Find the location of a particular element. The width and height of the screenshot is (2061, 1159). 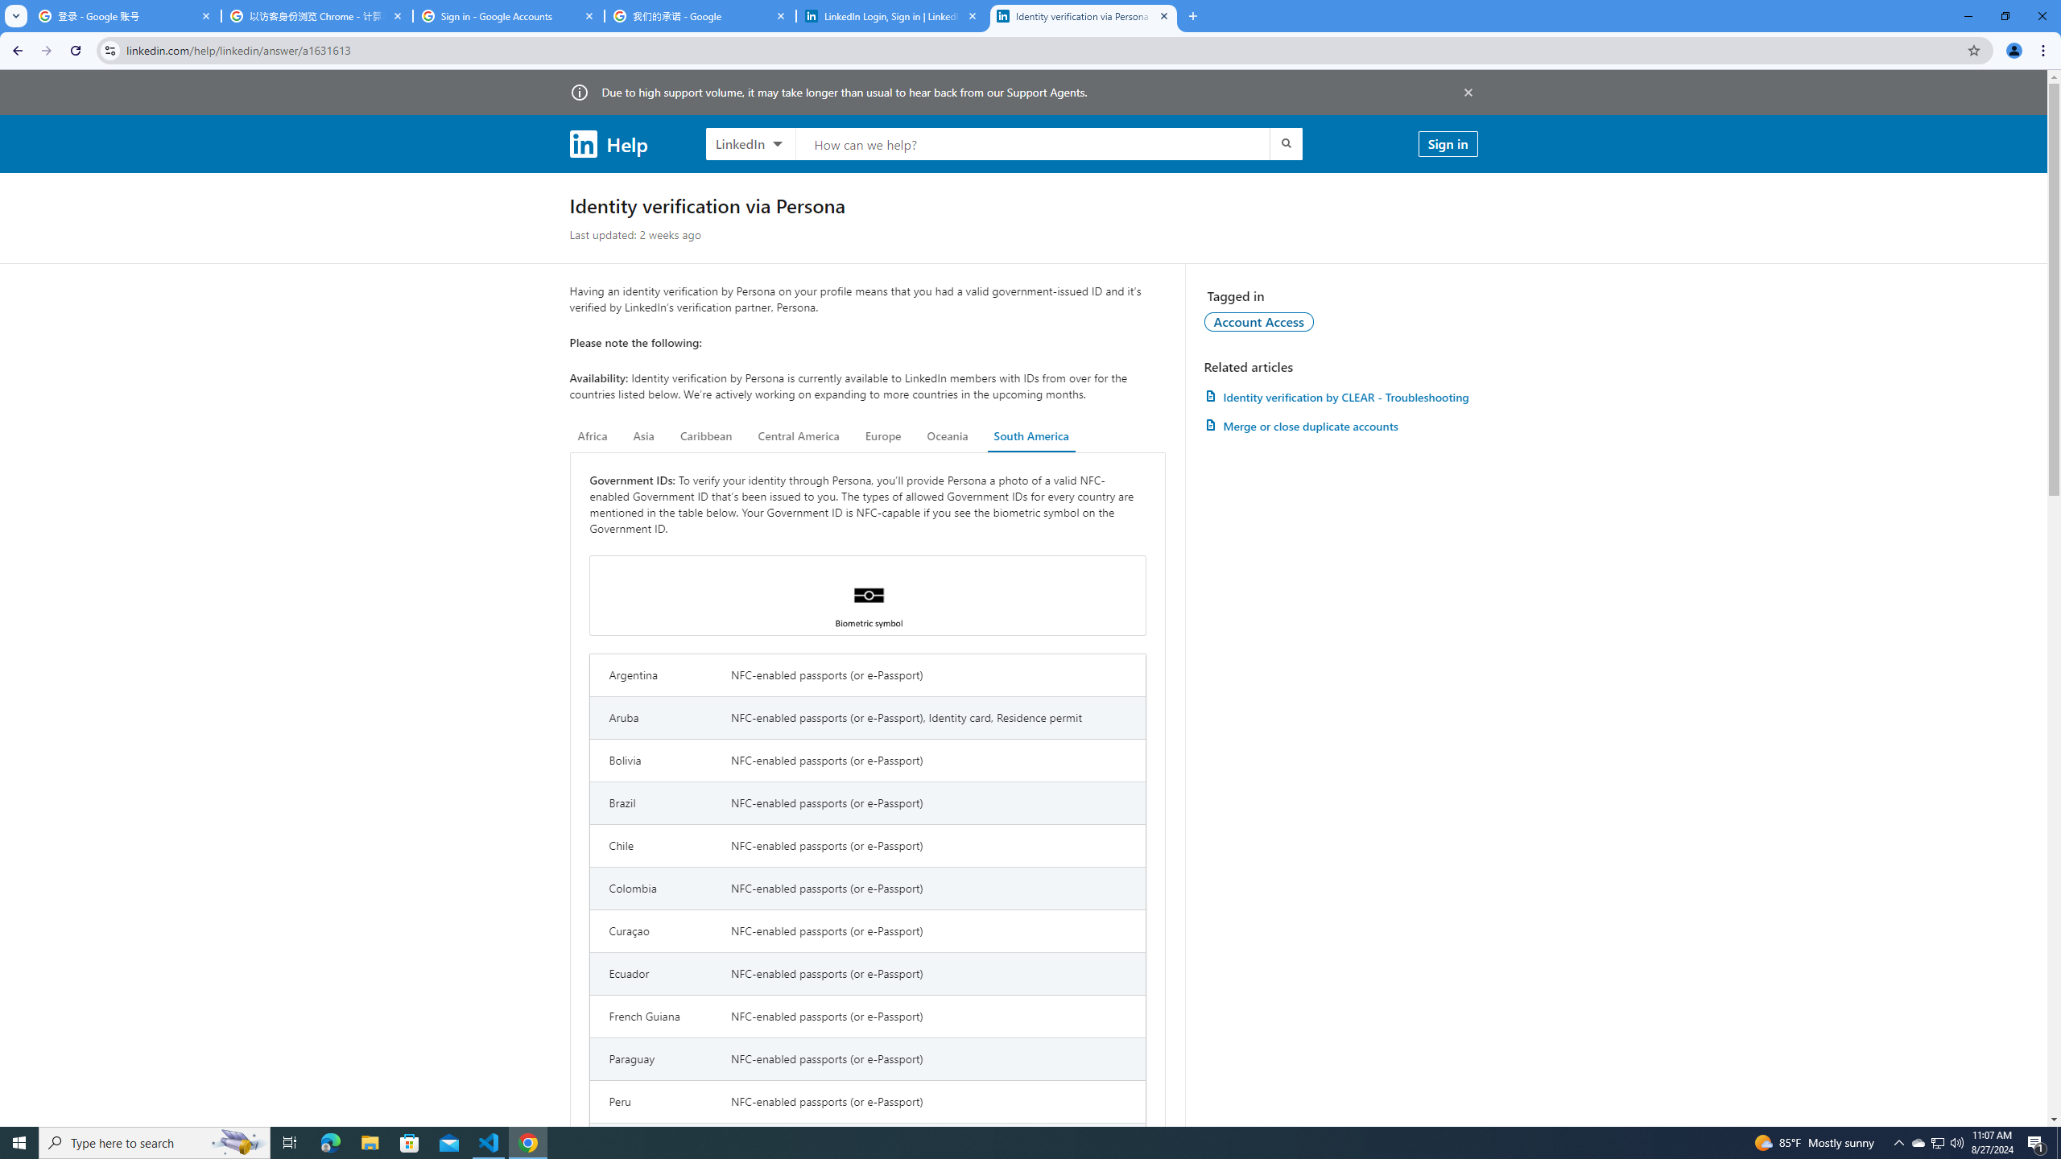

'Sign in - Google Accounts' is located at coordinates (508, 15).